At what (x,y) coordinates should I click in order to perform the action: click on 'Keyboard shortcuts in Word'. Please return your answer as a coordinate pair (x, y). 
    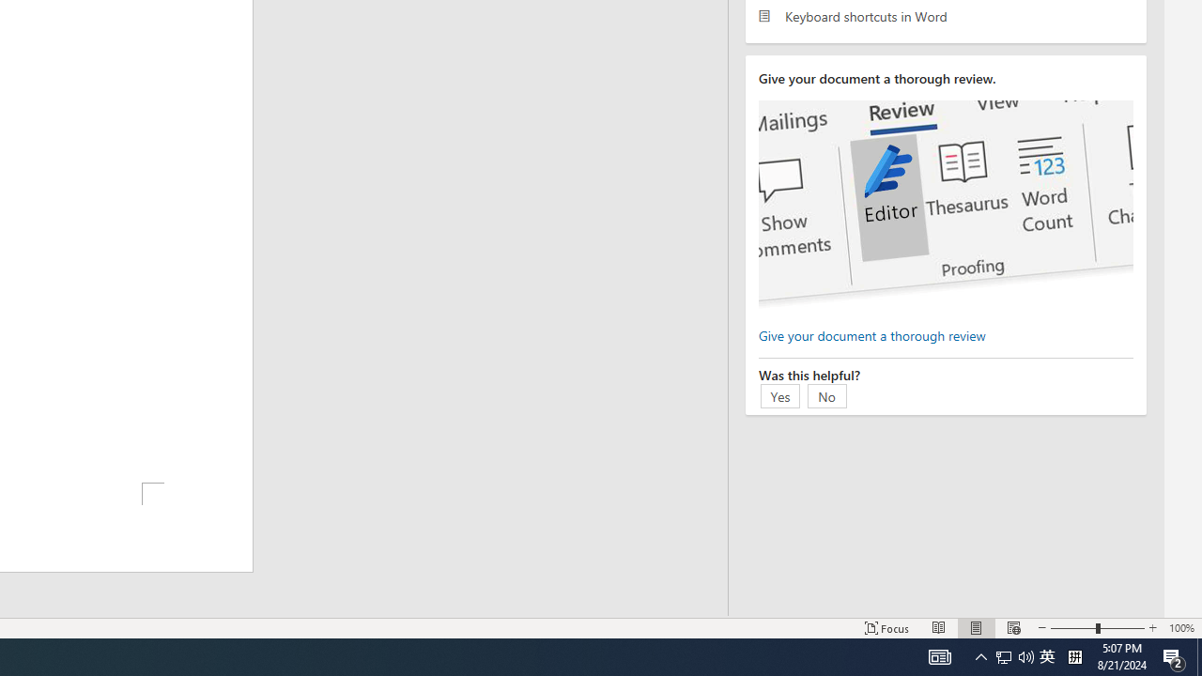
    Looking at the image, I should click on (946, 16).